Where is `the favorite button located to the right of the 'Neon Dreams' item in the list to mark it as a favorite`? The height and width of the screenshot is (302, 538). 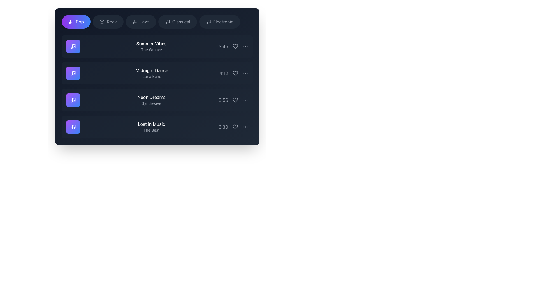 the favorite button located to the right of the 'Neon Dreams' item in the list to mark it as a favorite is located at coordinates (235, 100).